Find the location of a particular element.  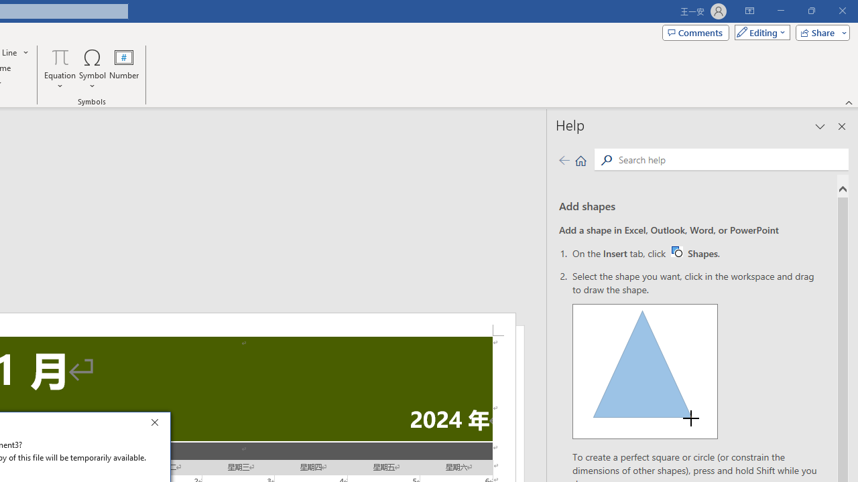

'Previous page' is located at coordinates (564, 159).